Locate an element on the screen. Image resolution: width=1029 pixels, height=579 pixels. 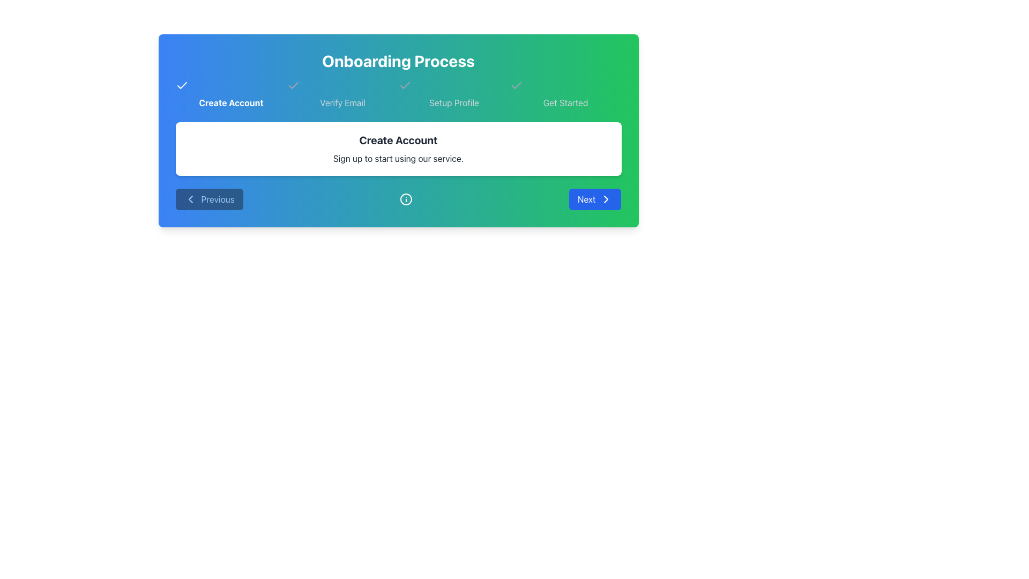
the chevron-shaped icon inside the blue 'Next' button located at the bottom right of the interface is located at coordinates (606, 199).